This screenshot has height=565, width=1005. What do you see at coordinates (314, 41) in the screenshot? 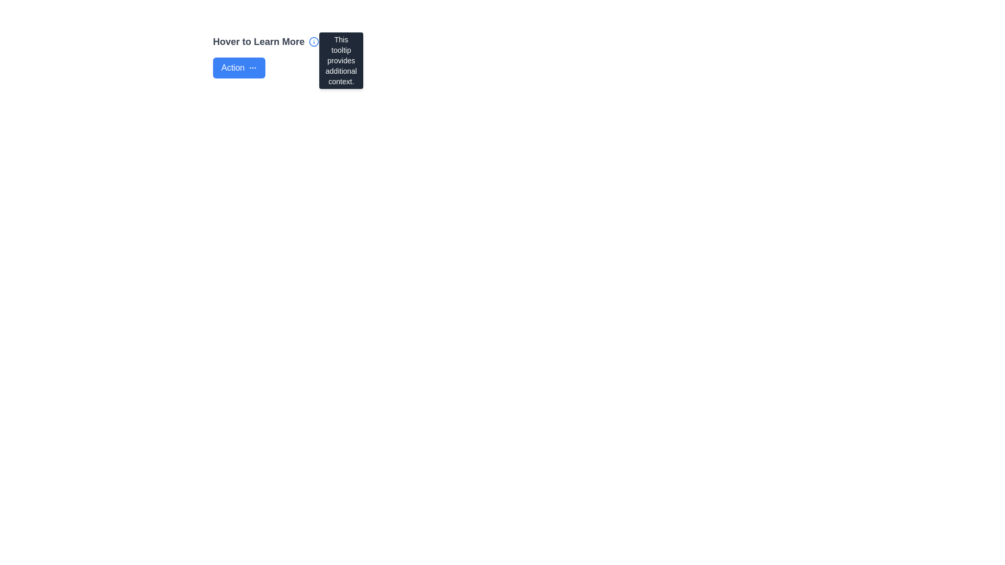
I see `the informational icon located to the right of the text 'Hover to Learn More', which triggers a tooltip to appear when hovered` at bounding box center [314, 41].